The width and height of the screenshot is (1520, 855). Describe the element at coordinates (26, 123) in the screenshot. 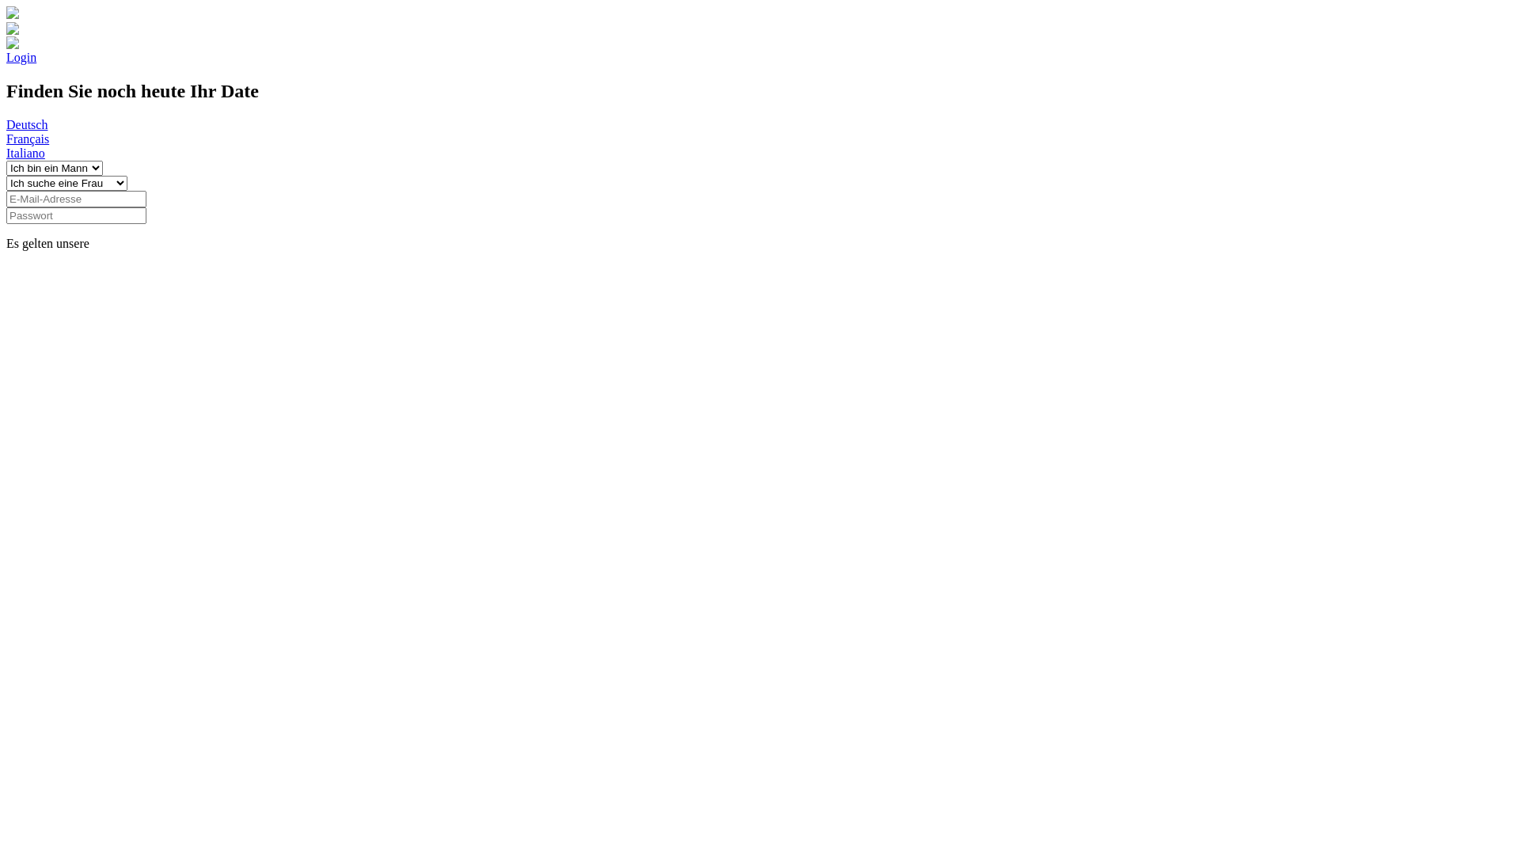

I see `'Deutsch'` at that location.